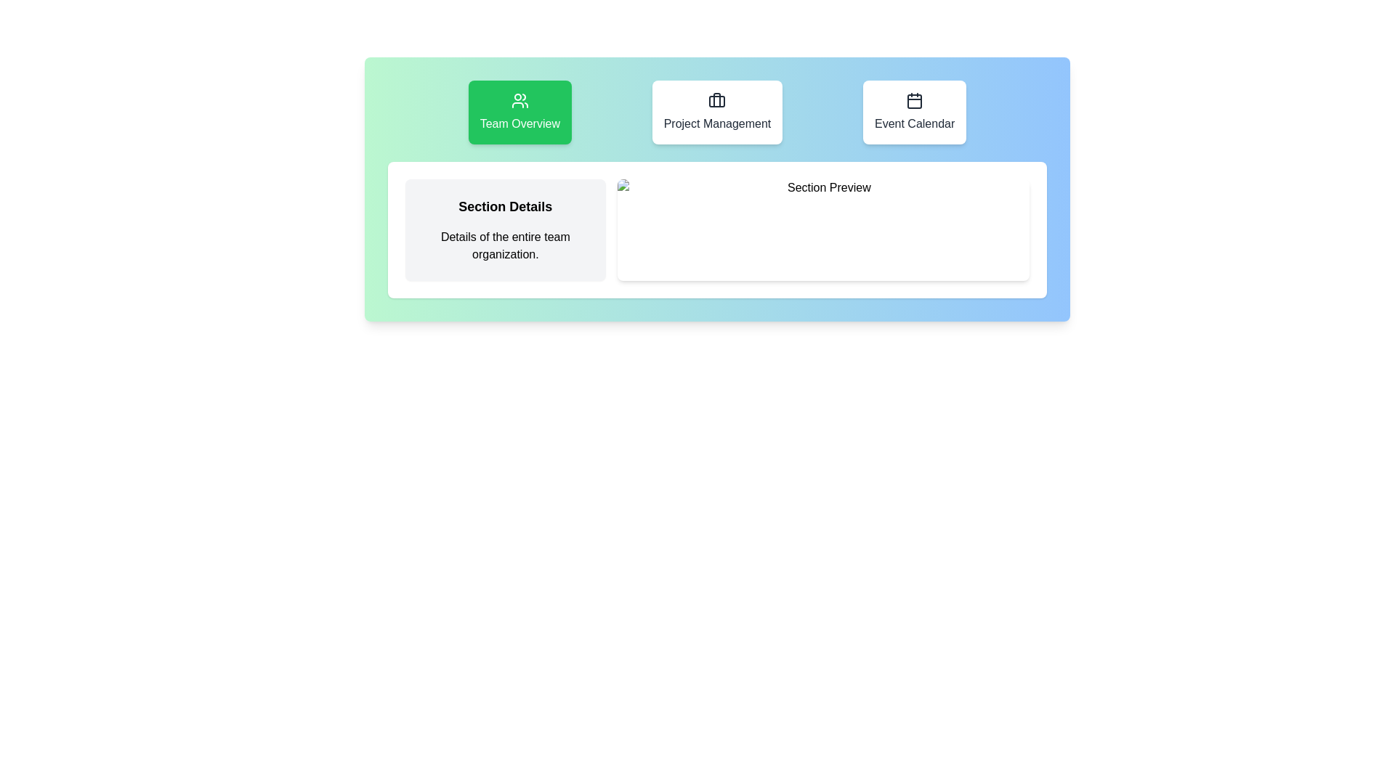 The height and width of the screenshot is (784, 1395). What do you see at coordinates (717, 99) in the screenshot?
I see `the briefcase icon located at the top-center of the 'Project Management' card, which is styled in outline format and primarily black` at bounding box center [717, 99].